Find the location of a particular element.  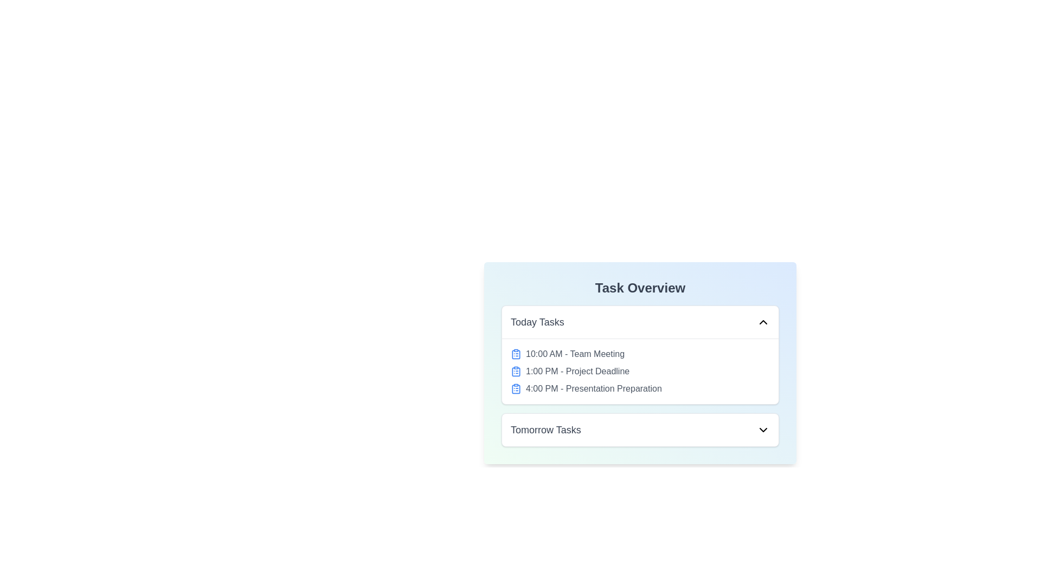

the icon associated with the task '1:00 PM - Project Deadline' is located at coordinates (515, 371).